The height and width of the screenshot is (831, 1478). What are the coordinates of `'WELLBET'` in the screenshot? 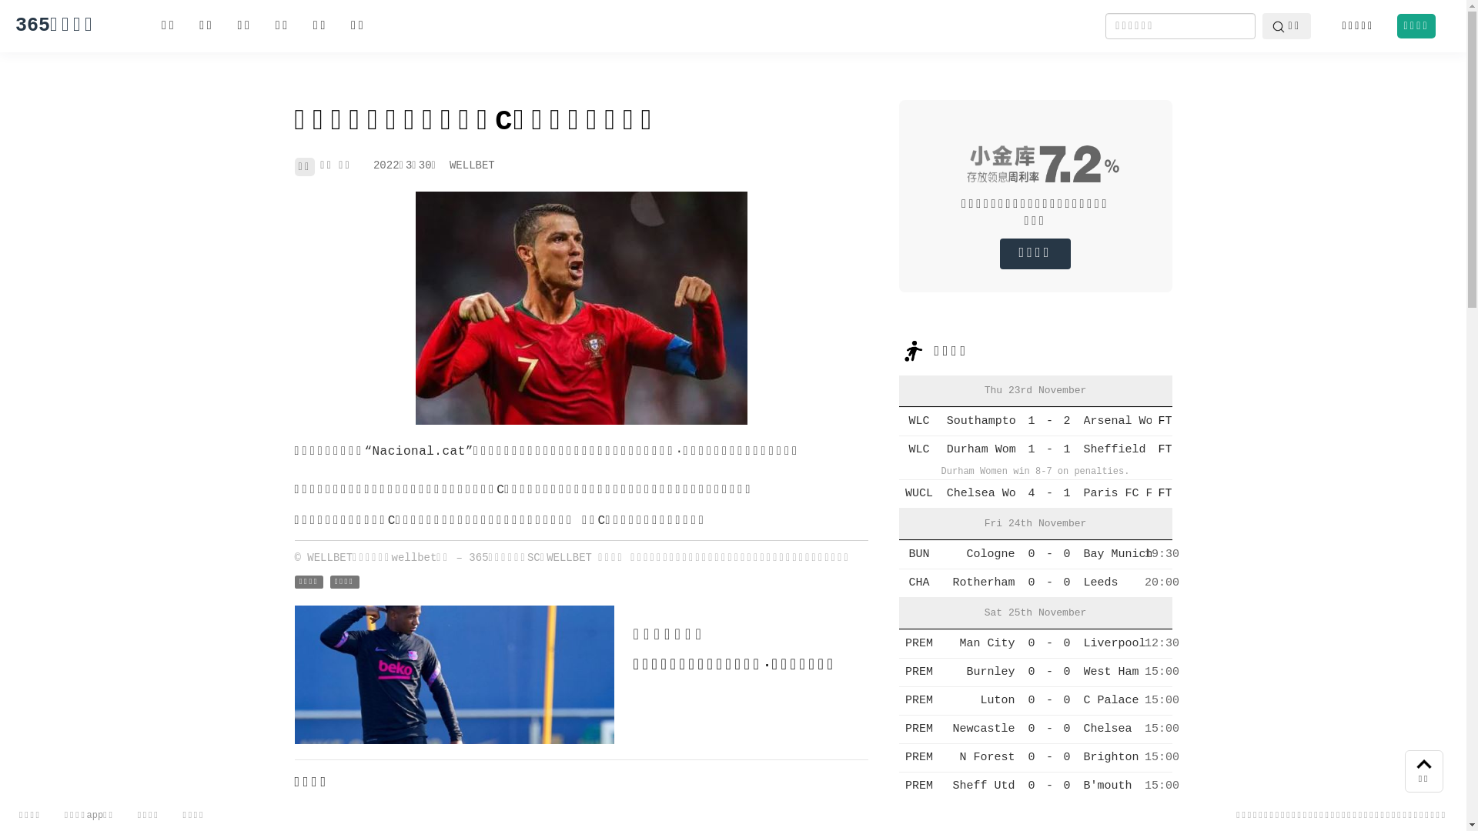 It's located at (471, 165).